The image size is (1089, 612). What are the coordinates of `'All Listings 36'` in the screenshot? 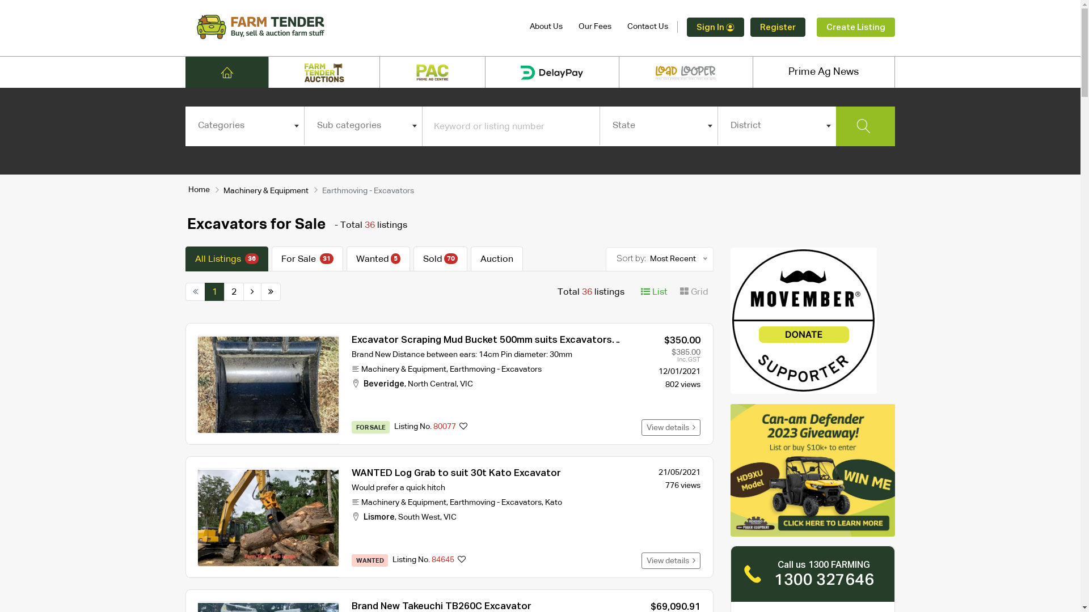 It's located at (226, 258).